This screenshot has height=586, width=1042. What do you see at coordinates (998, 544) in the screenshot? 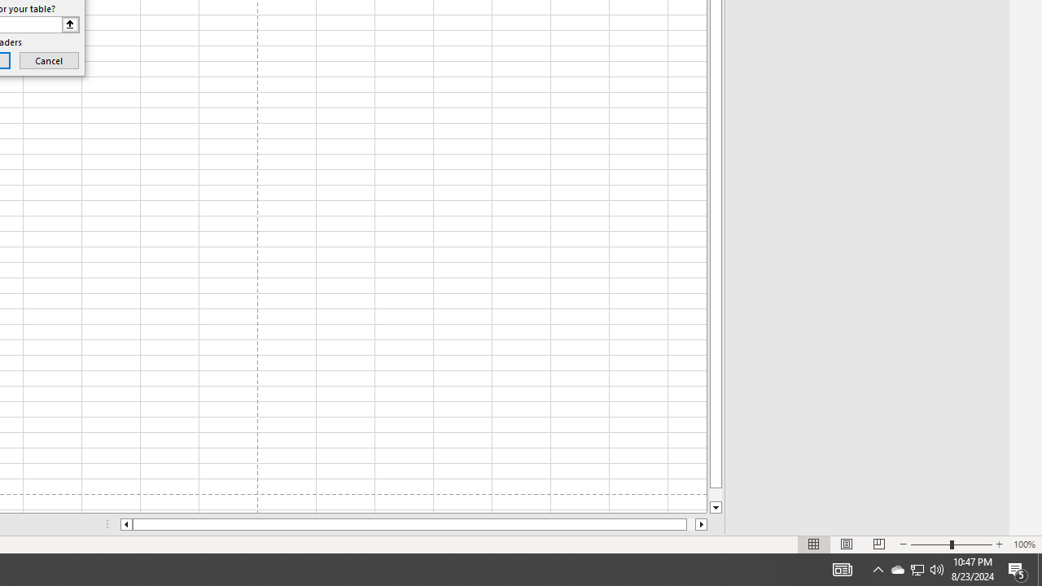
I see `'Zoom In'` at bounding box center [998, 544].